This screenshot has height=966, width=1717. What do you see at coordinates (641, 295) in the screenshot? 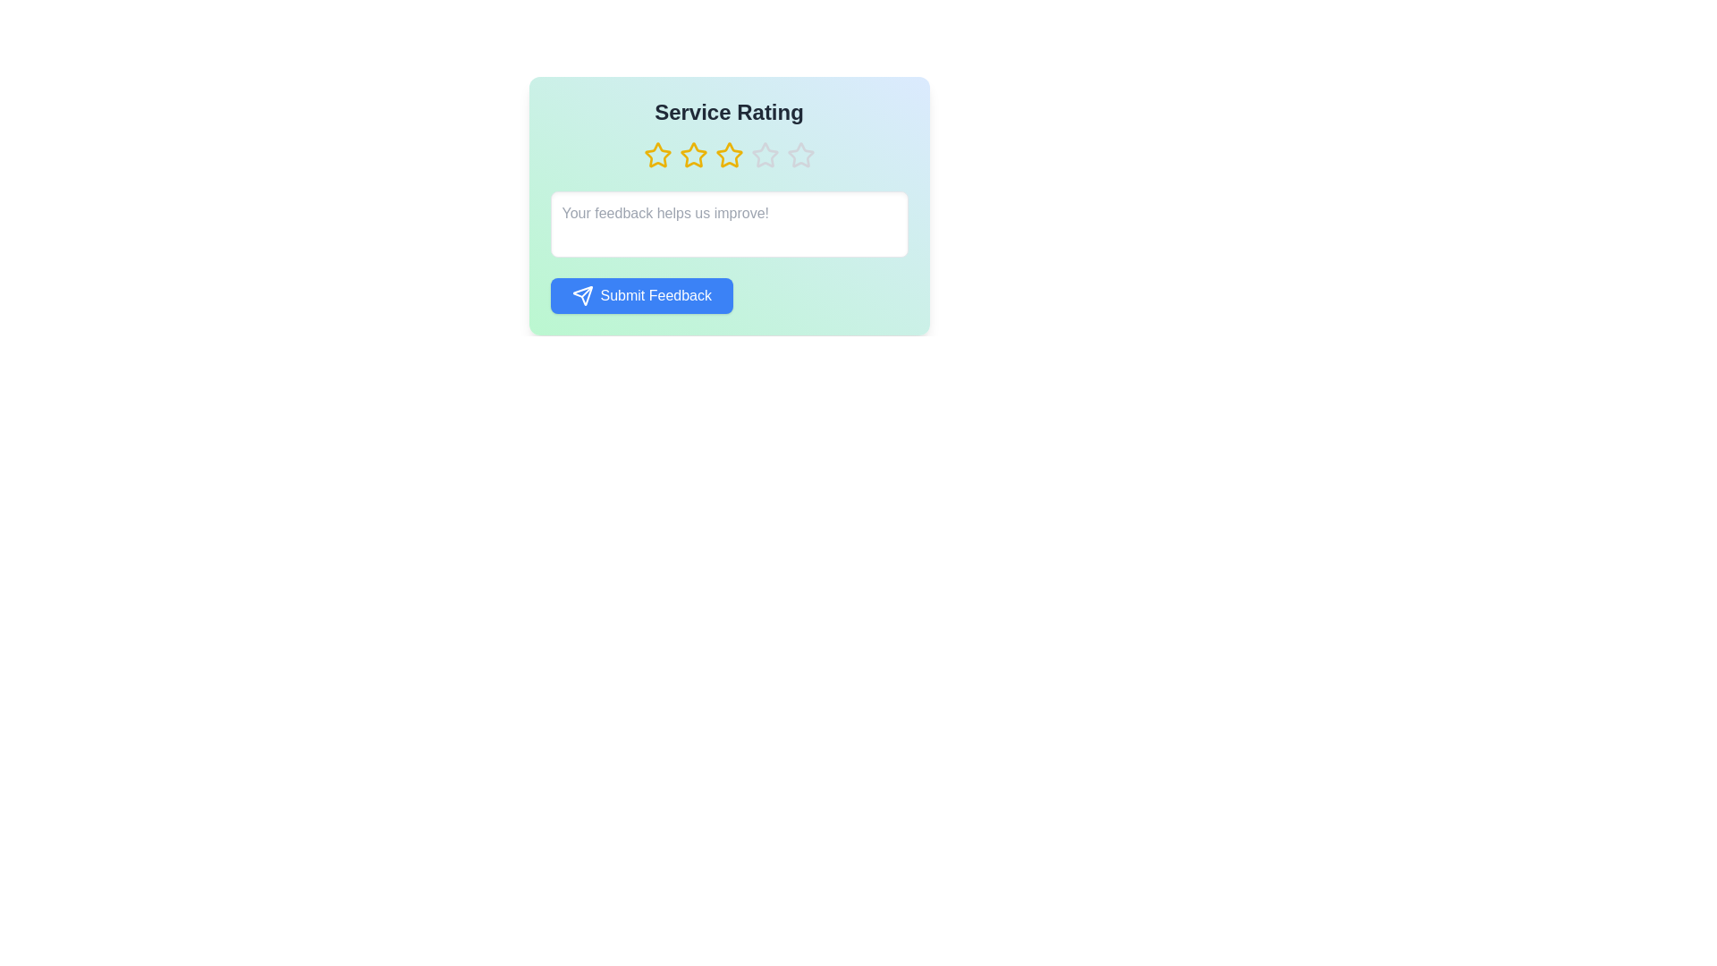
I see `the 'Submit Feedback' button, which is a rectangular button with rounded corners, blue background, and white text, located at the bottom of a card-like interface` at bounding box center [641, 295].